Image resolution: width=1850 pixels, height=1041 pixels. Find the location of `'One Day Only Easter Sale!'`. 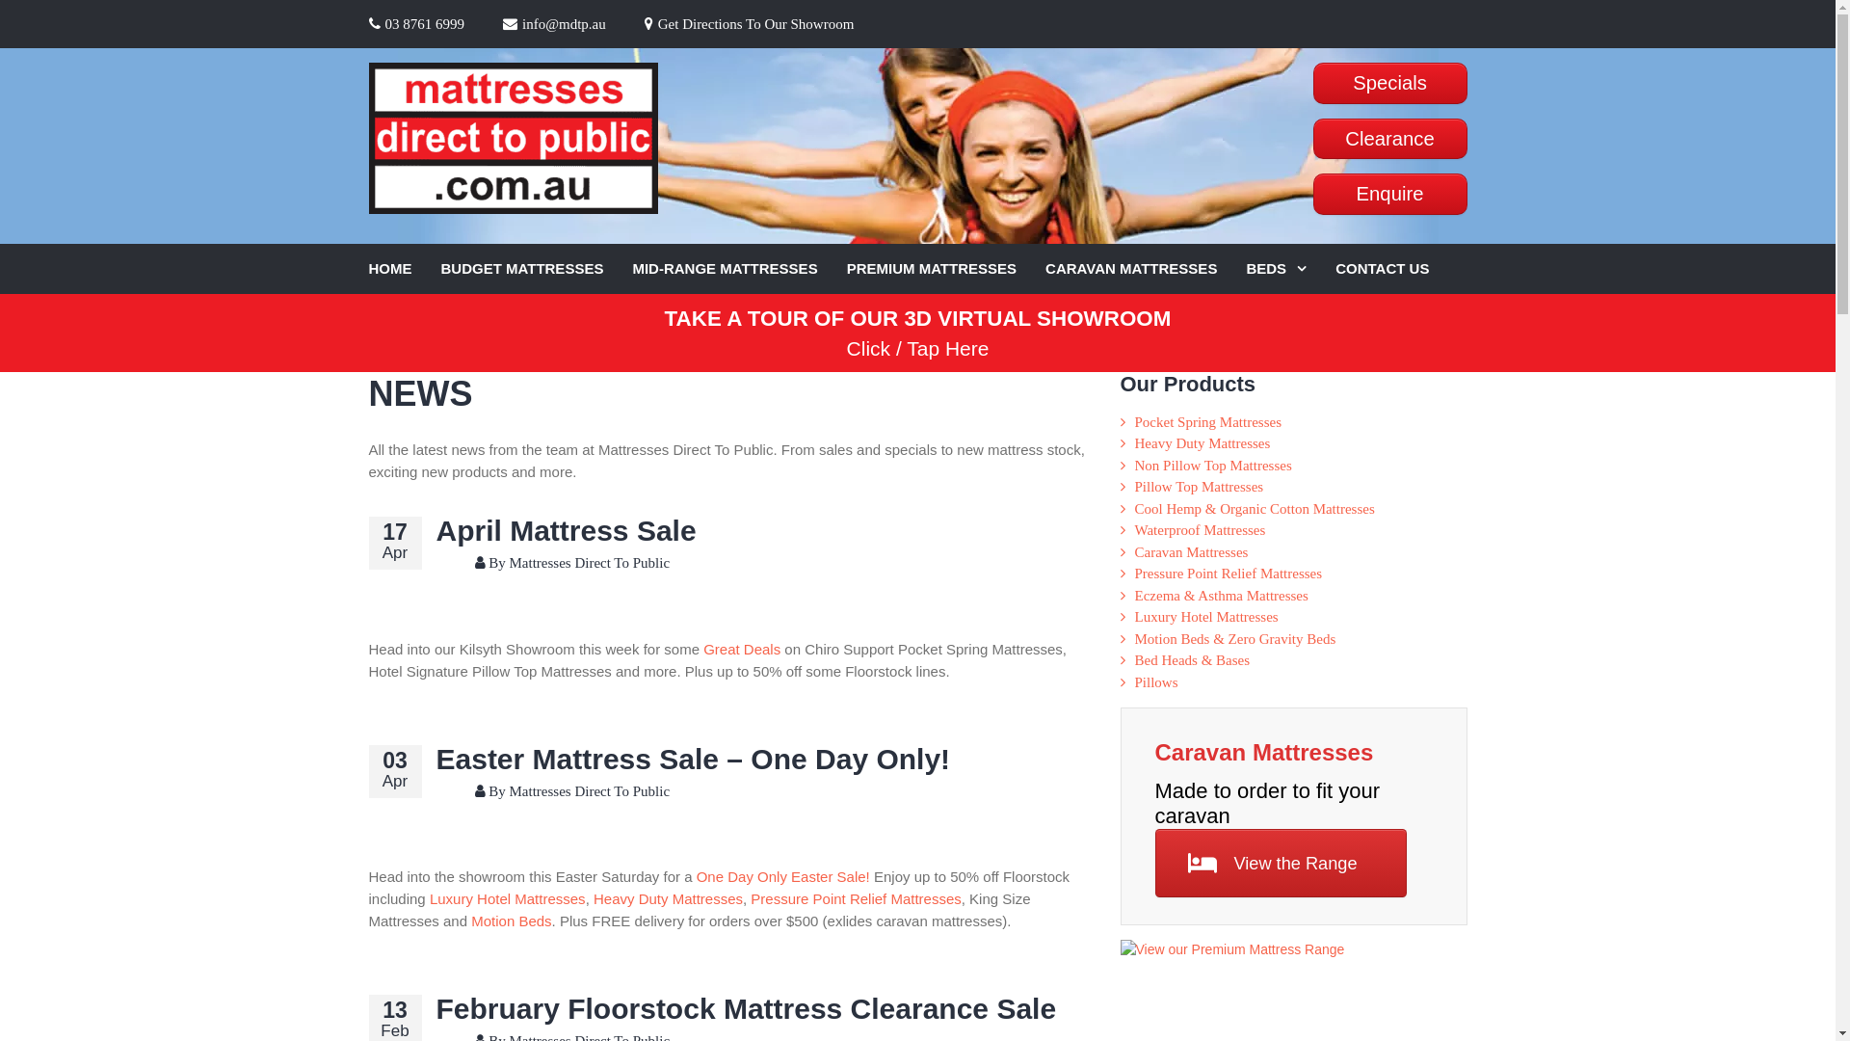

'One Day Only Easter Sale!' is located at coordinates (696, 876).